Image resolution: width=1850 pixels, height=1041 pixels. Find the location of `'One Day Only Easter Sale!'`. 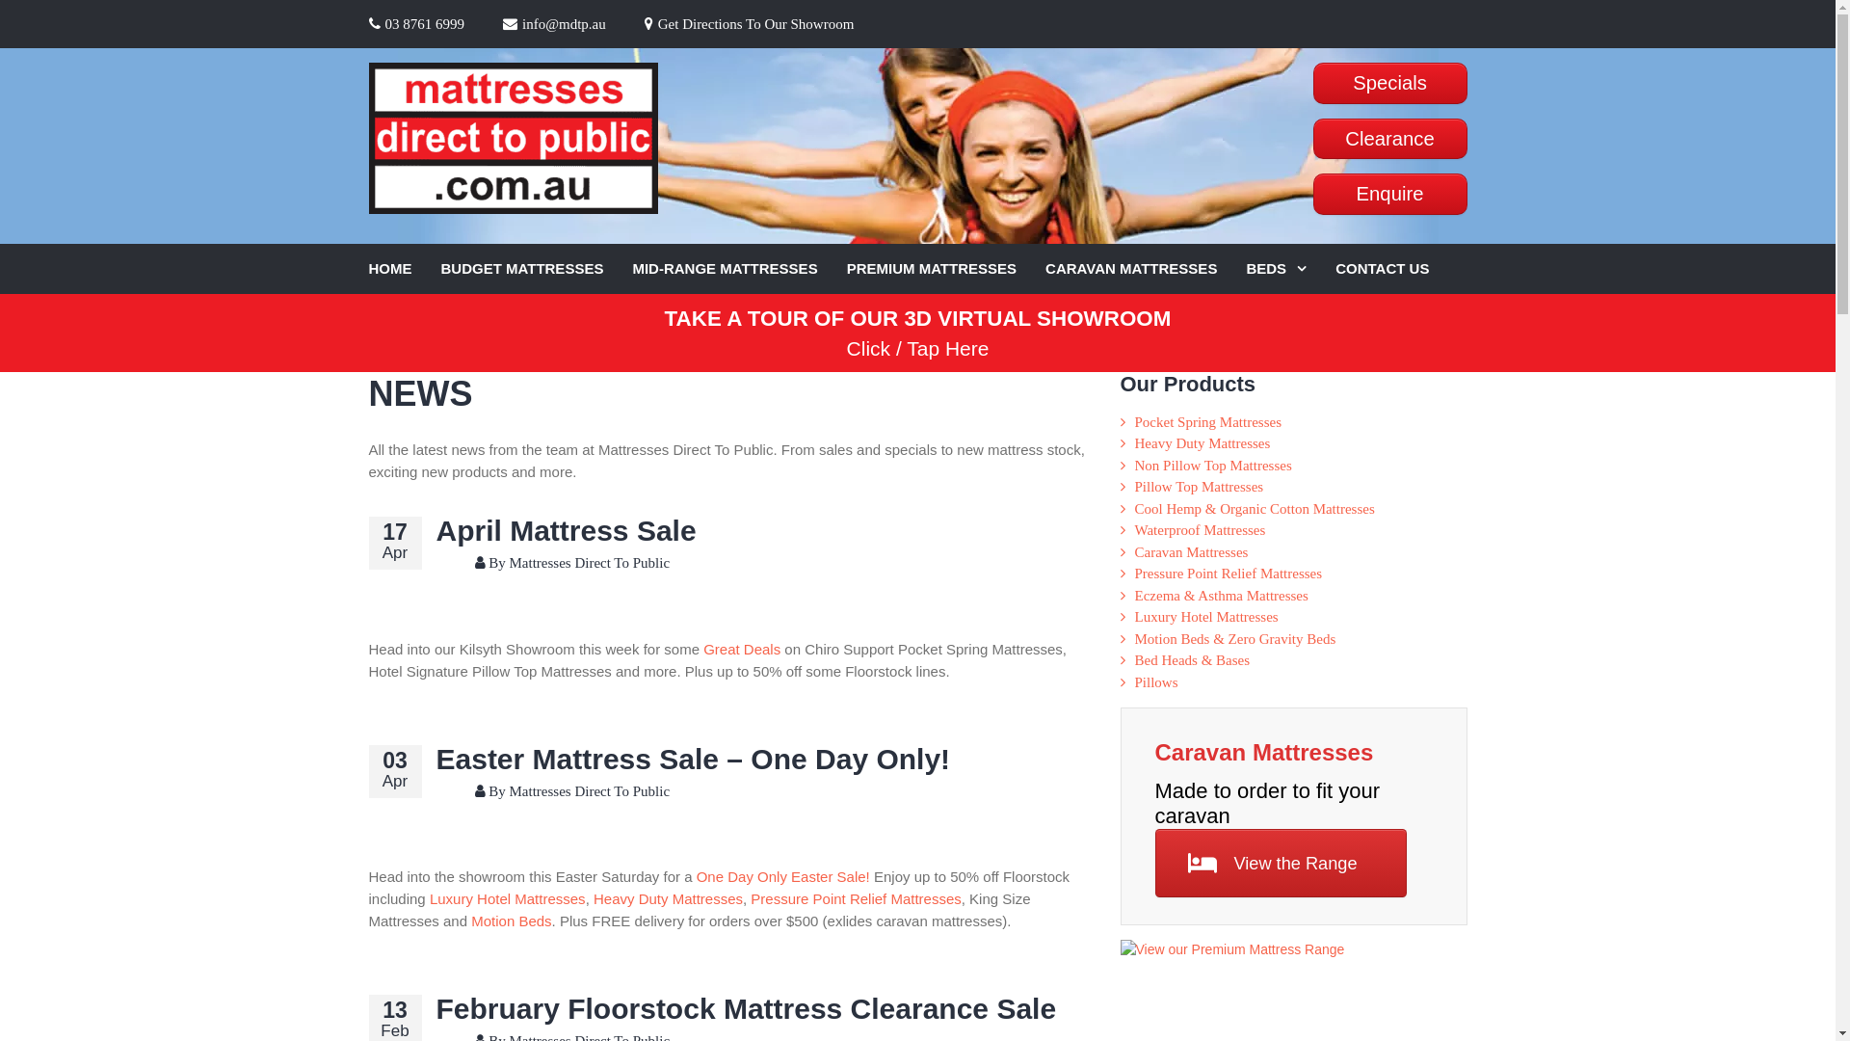

'One Day Only Easter Sale!' is located at coordinates (696, 876).